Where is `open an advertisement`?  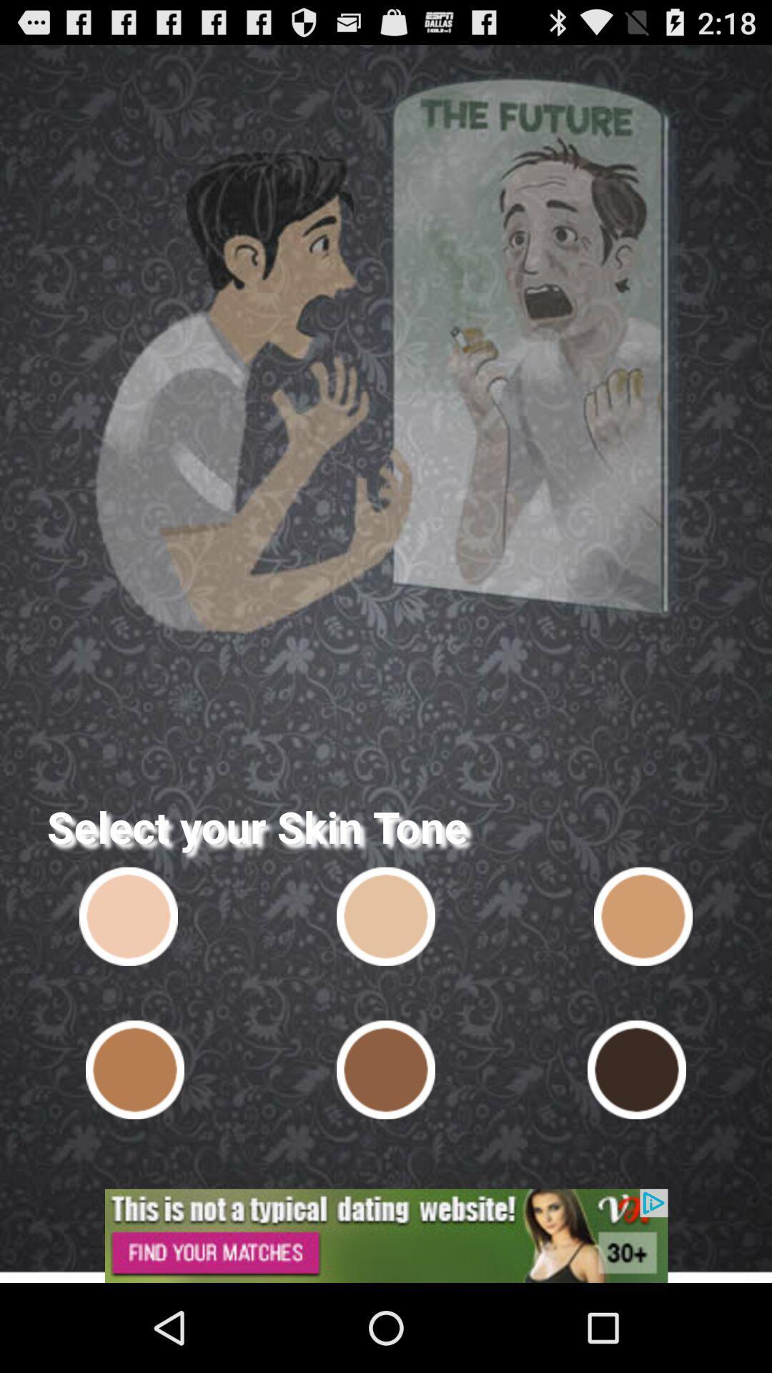
open an advertisement is located at coordinates (386, 1235).